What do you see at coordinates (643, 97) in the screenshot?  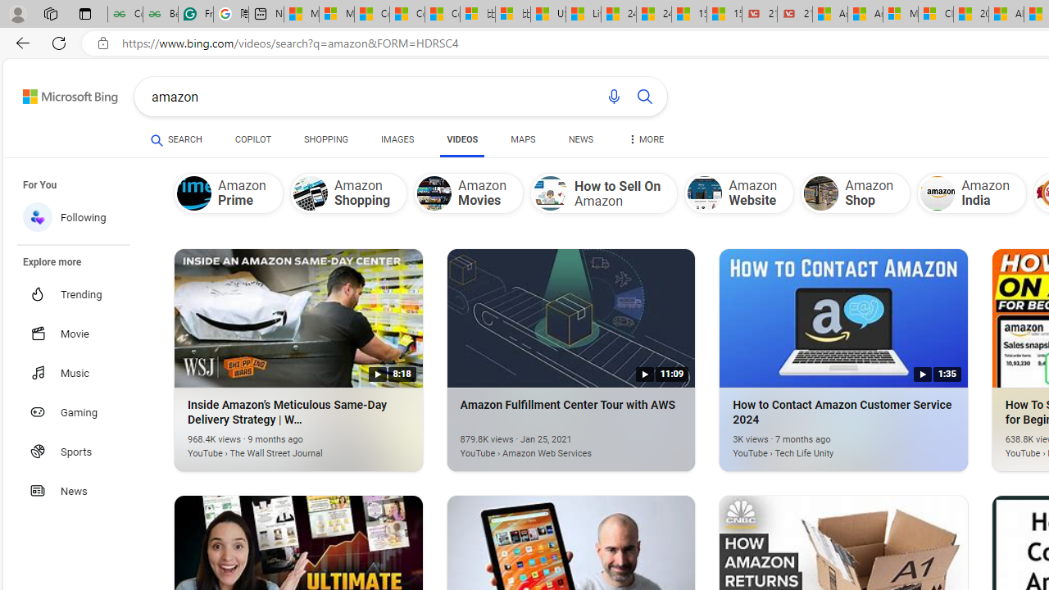 I see `'Search button'` at bounding box center [643, 97].